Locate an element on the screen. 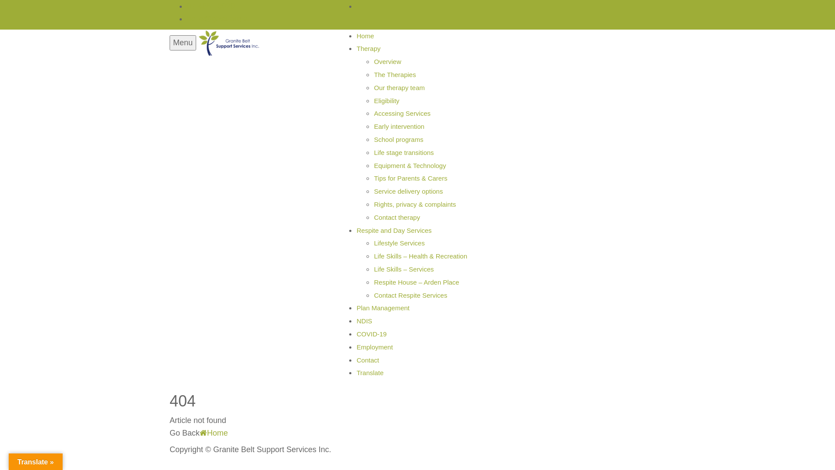 This screenshot has height=470, width=835. 'Early intervention' is located at coordinates (398, 126).